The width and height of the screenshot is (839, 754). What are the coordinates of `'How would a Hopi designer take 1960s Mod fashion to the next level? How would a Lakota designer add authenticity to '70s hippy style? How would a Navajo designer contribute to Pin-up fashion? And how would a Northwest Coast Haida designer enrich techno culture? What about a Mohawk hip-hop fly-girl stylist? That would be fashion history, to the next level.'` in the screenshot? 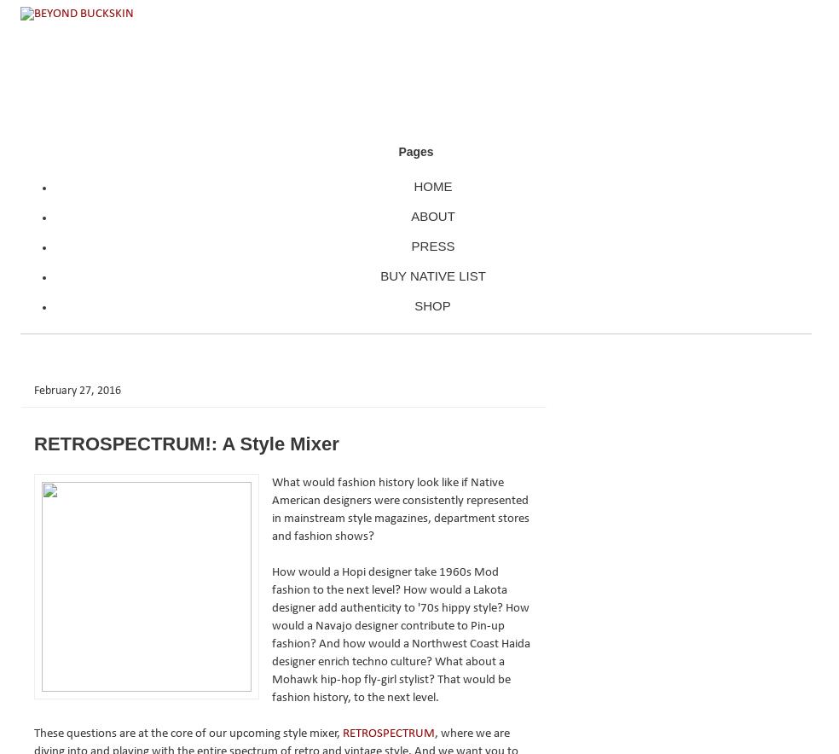 It's located at (401, 634).